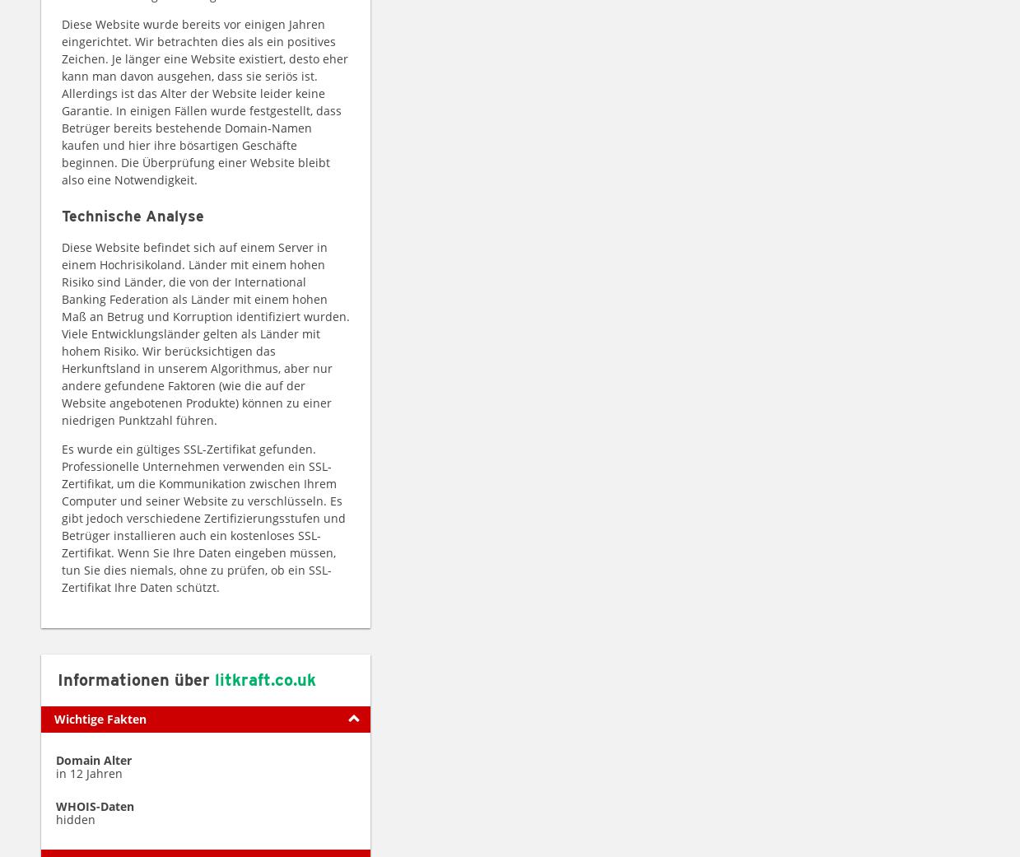 The width and height of the screenshot is (1020, 857). Describe the element at coordinates (265, 678) in the screenshot. I see `'litkraft.co.uk'` at that location.